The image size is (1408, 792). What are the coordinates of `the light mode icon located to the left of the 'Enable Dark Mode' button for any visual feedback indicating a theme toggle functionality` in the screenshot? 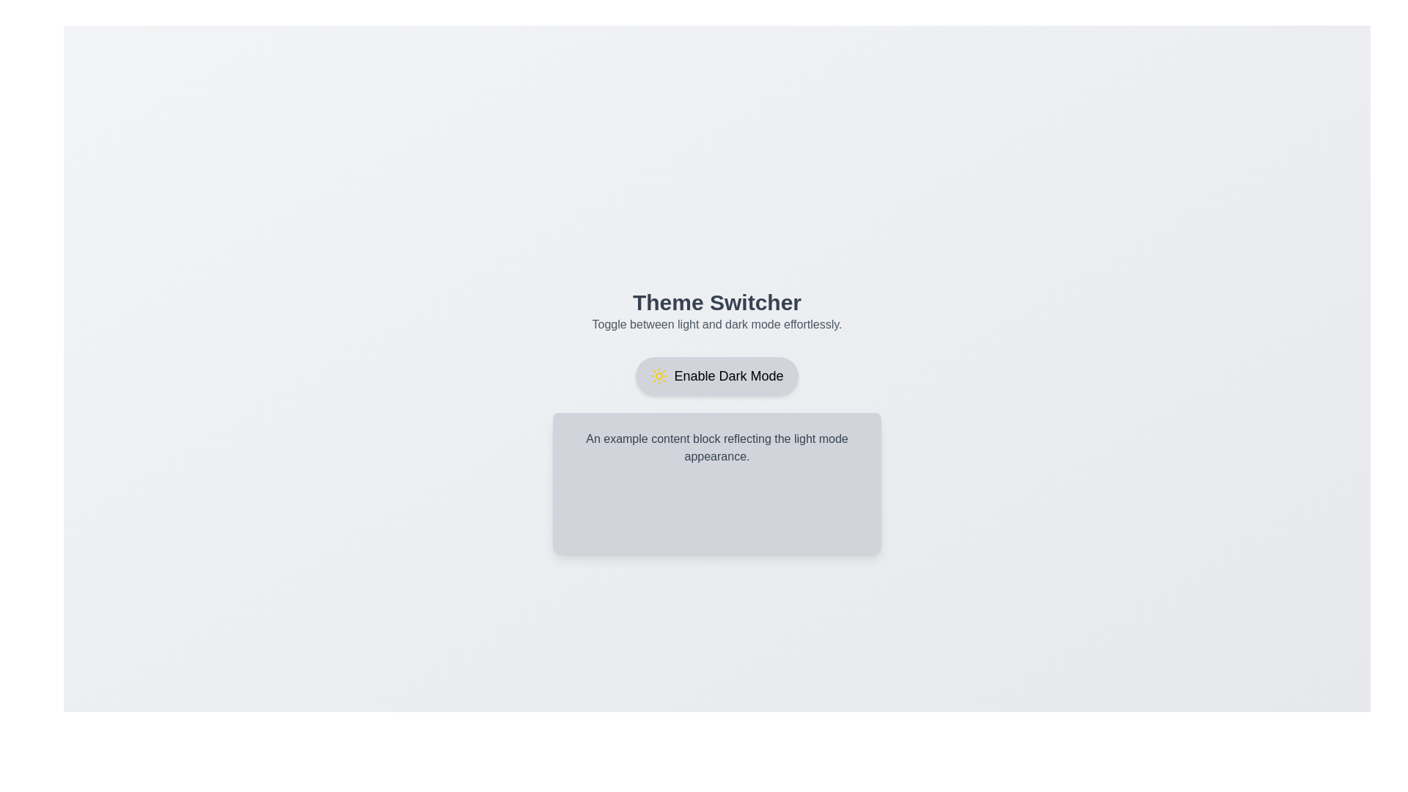 It's located at (659, 375).